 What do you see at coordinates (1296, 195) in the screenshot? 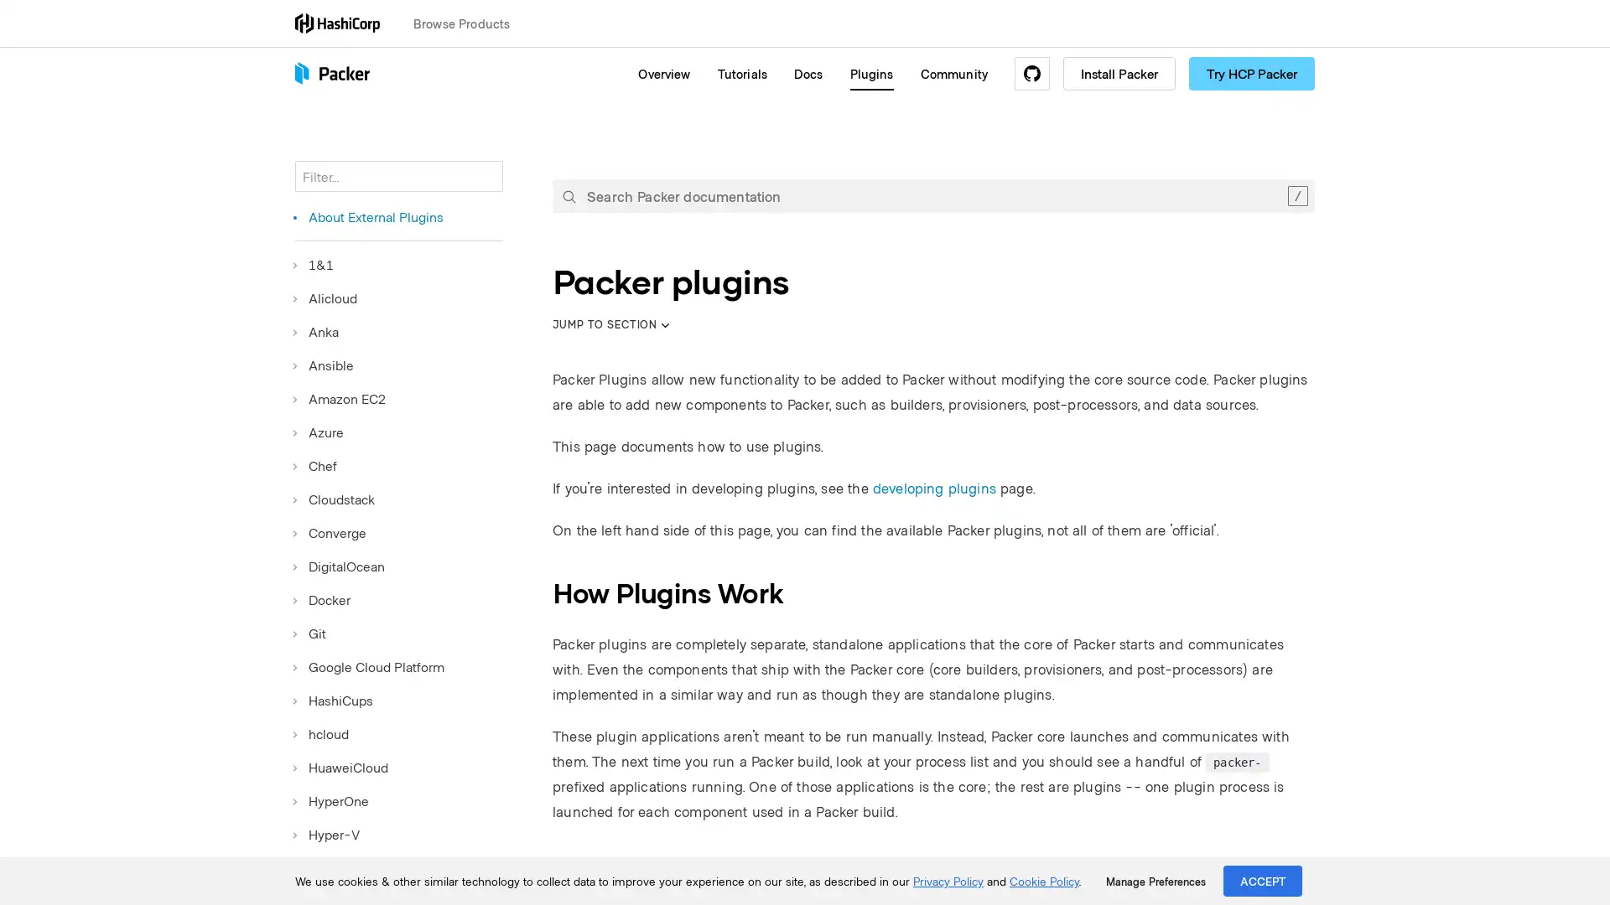
I see `Clear the search query.` at bounding box center [1296, 195].